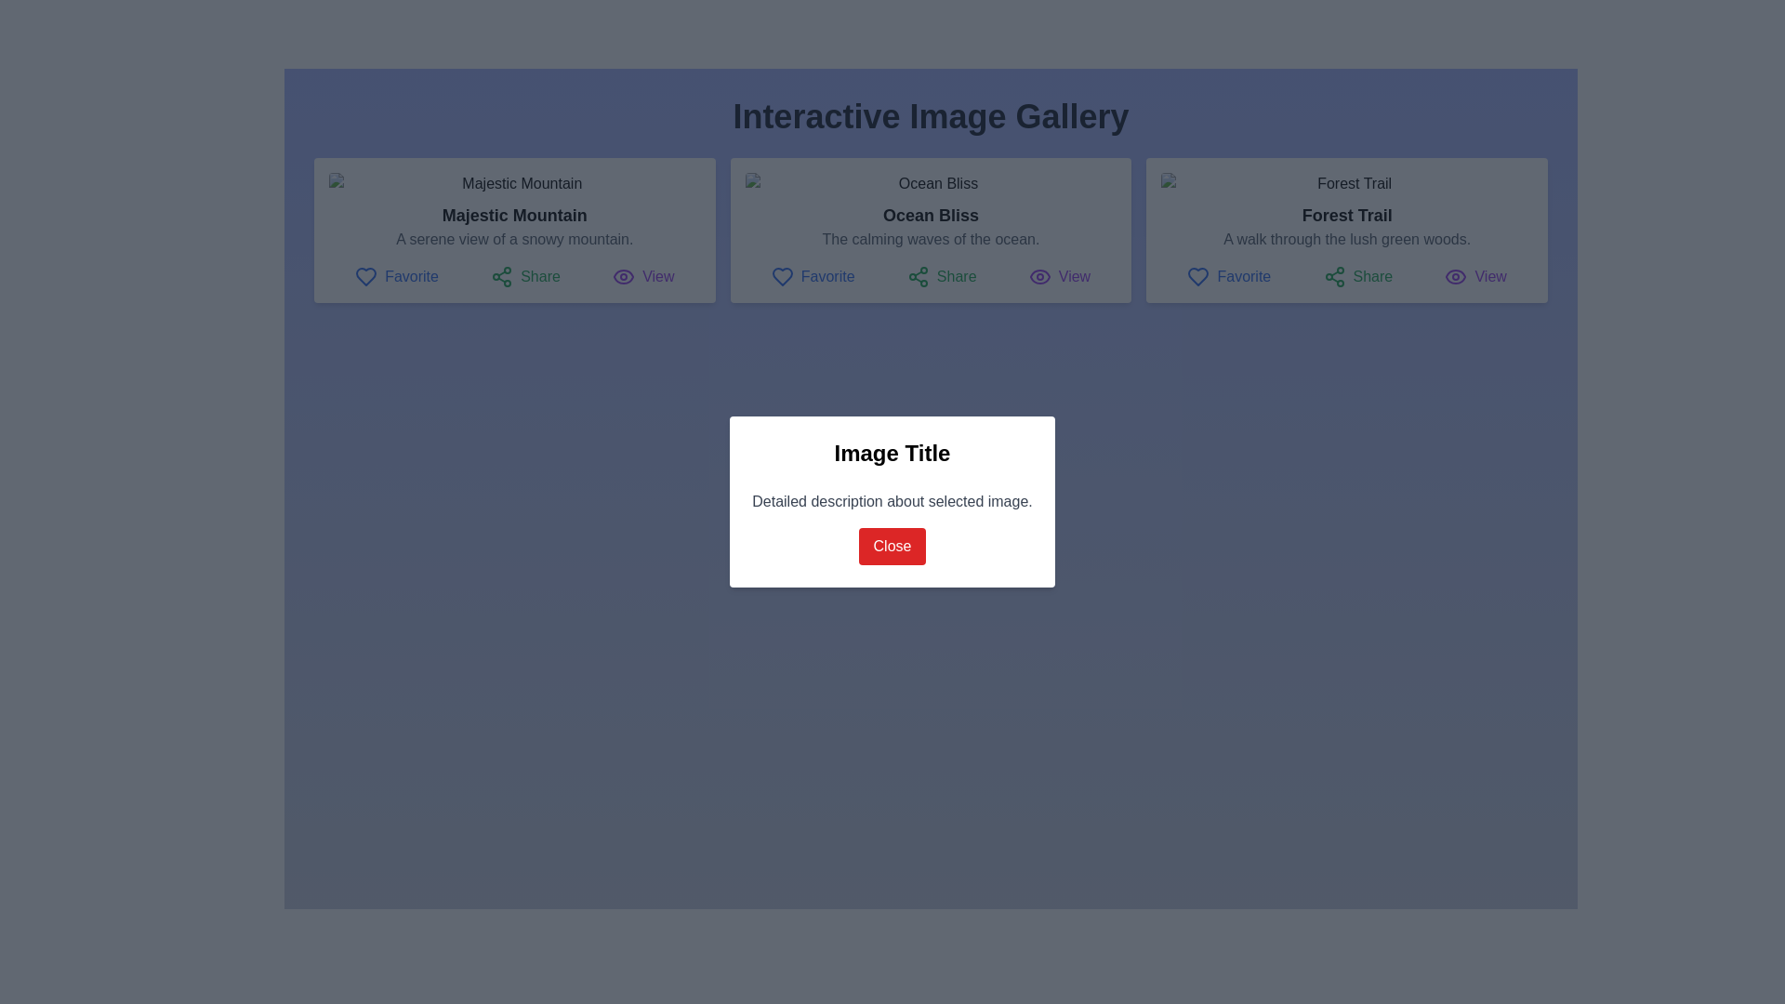 The image size is (1785, 1004). I want to click on the 'Share' button in the Toolbar located at the bottom of the 'Majestic Mountain' card, which is the second button from the left, colored green and featuring a share node icon, so click(514, 276).